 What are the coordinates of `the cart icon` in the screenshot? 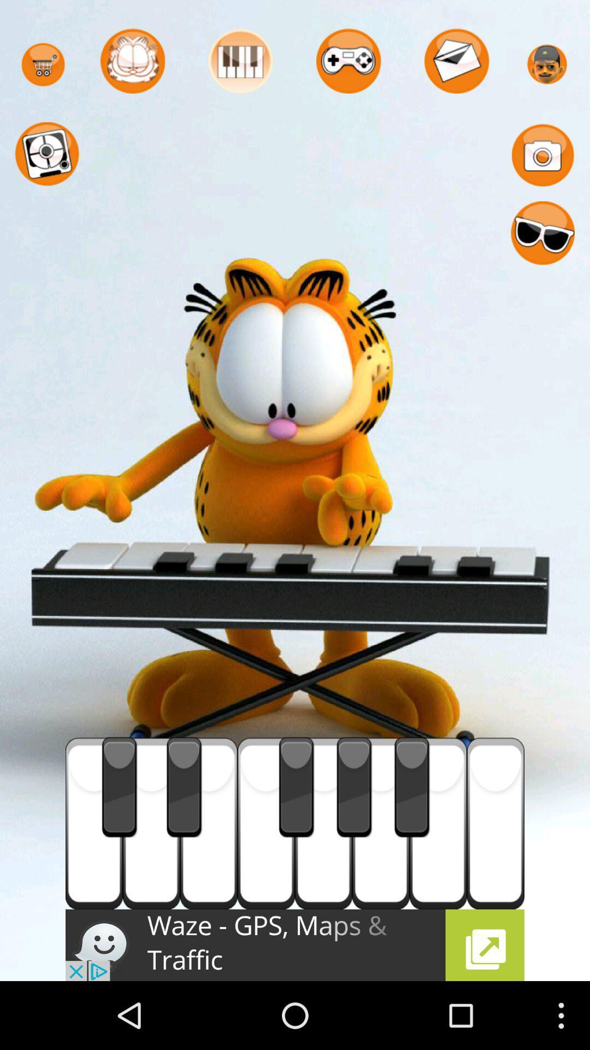 It's located at (43, 68).